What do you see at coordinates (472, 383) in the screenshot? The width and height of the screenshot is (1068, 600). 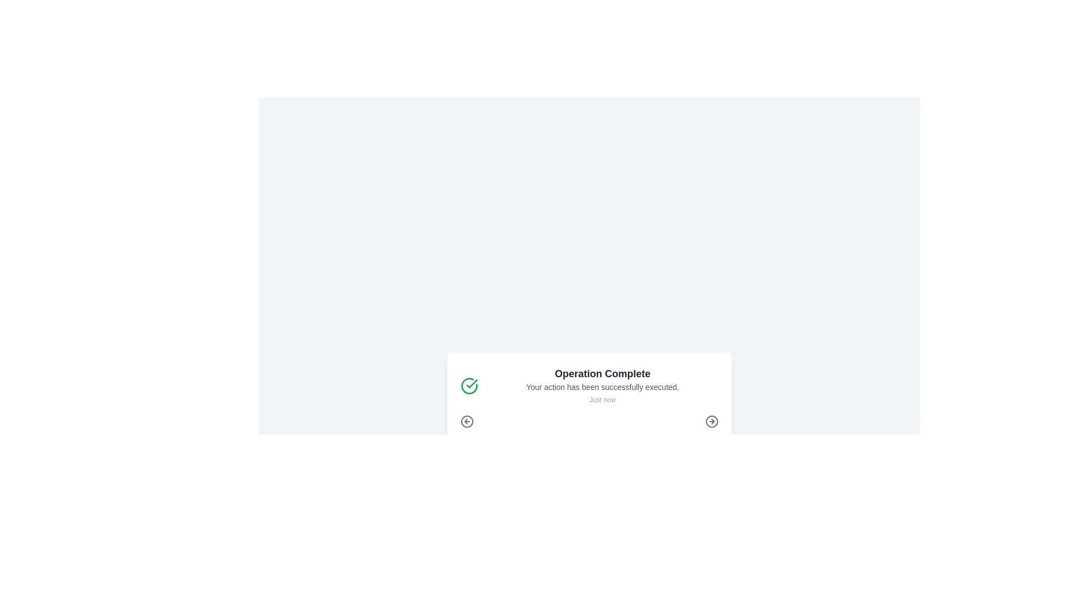 I see `the checkmark icon within the green outlined circle, which is part of a success indicator located on the left side of the message box` at bounding box center [472, 383].